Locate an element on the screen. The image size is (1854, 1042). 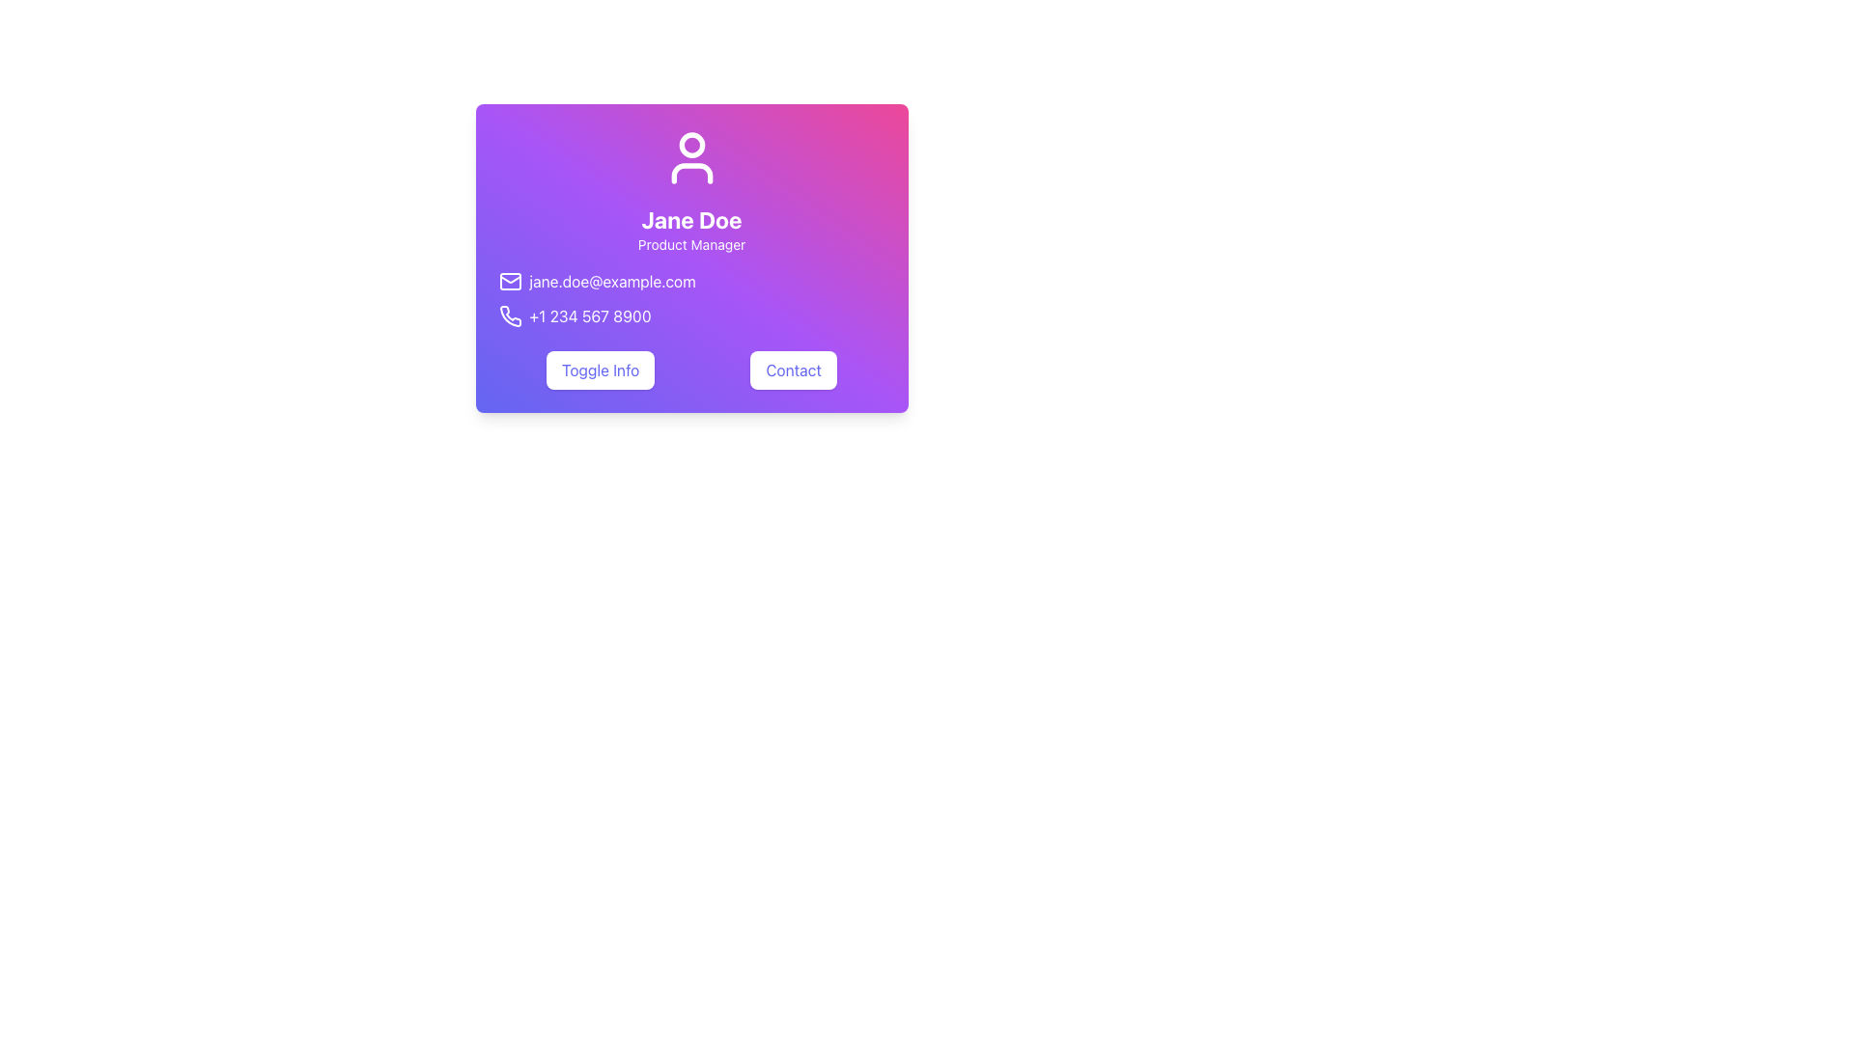
the mail envelope icon is located at coordinates (510, 282).